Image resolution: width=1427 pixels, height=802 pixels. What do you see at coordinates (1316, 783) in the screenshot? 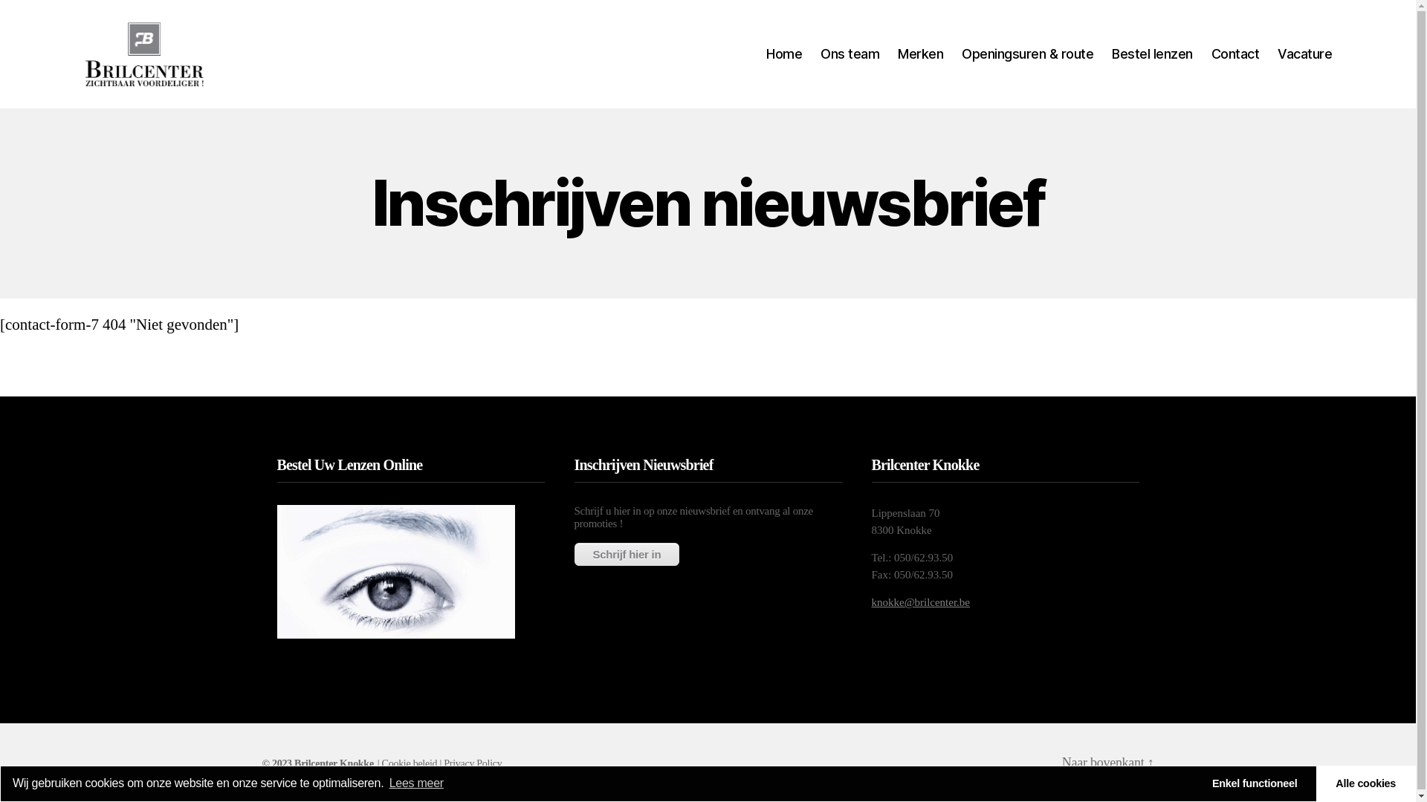
I see `'Alle cookies'` at bounding box center [1316, 783].